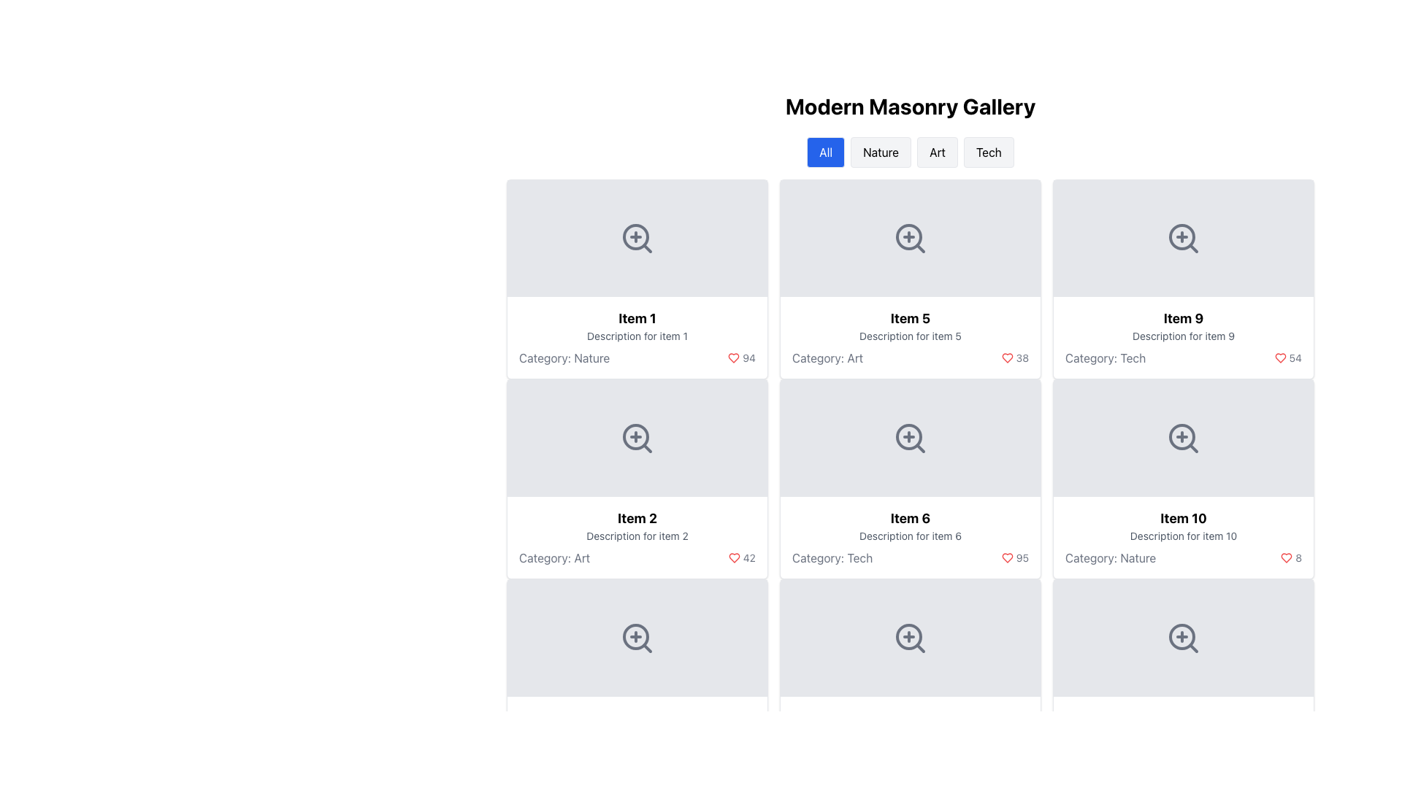  What do you see at coordinates (1006, 557) in the screenshot?
I see `the heart icon representing the 'like' count of 95 in Item 6, located in the fourth row and second column of the gallery grid` at bounding box center [1006, 557].